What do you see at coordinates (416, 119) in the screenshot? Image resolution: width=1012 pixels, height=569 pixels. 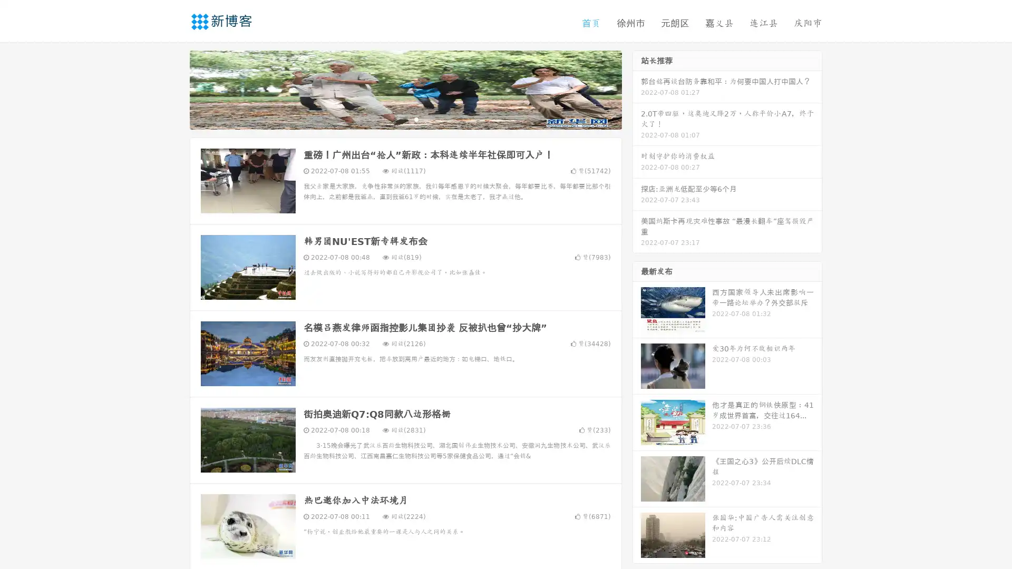 I see `Go to slide 3` at bounding box center [416, 119].